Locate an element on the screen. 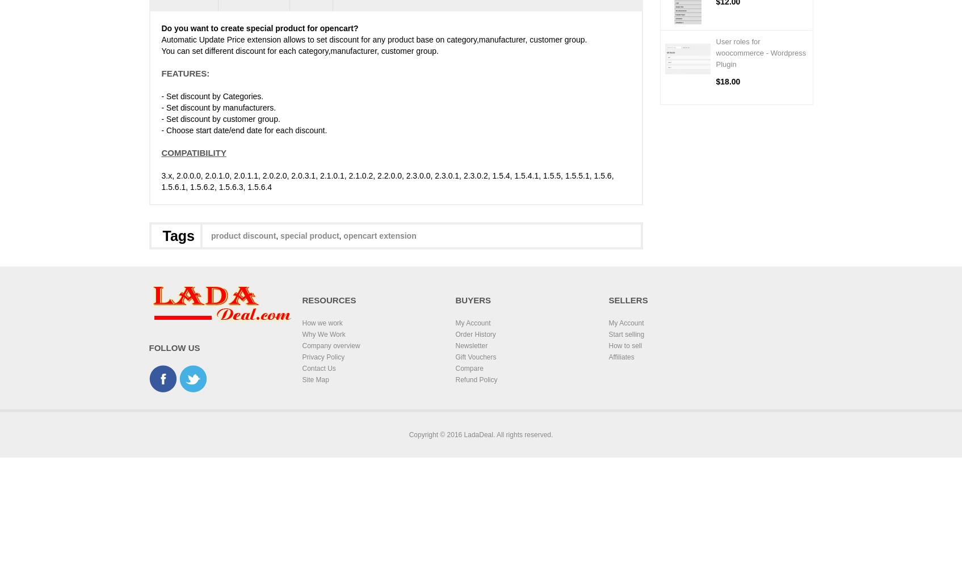 This screenshot has width=962, height=567. 'Features:' is located at coordinates (185, 73).